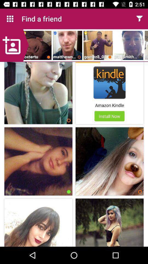  What do you see at coordinates (10, 19) in the screenshot?
I see `icon to the left of the find a friend icon` at bounding box center [10, 19].